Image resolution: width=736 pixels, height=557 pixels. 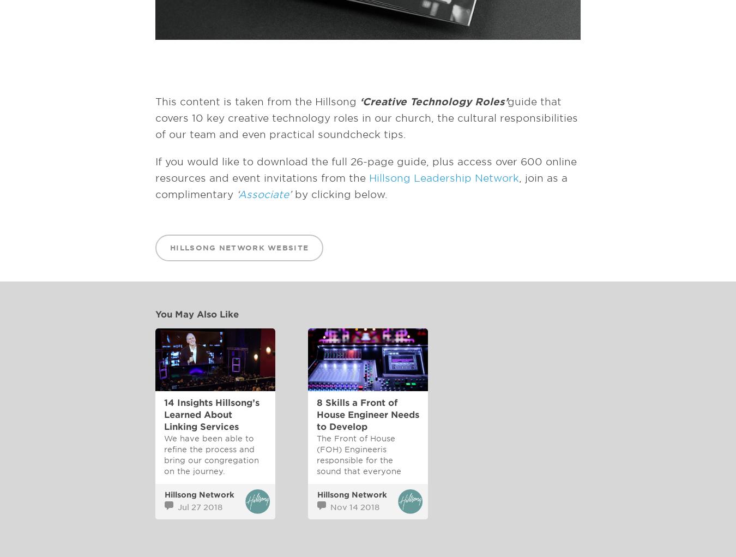 I want to click on 'Hillsong Leadership Network', so click(x=444, y=177).